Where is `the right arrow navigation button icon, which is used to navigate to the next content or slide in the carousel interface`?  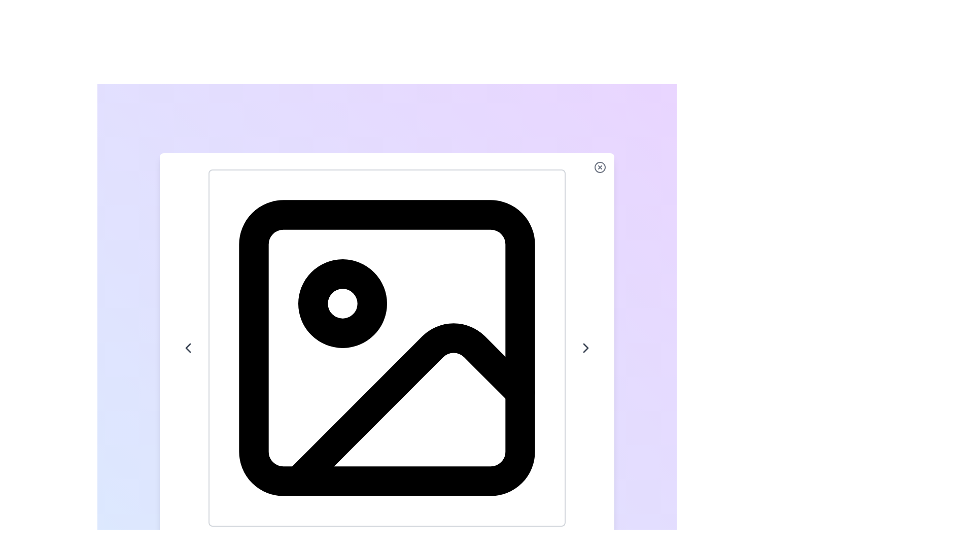
the right arrow navigation button icon, which is used to navigate to the next content or slide in the carousel interface is located at coordinates (586, 348).